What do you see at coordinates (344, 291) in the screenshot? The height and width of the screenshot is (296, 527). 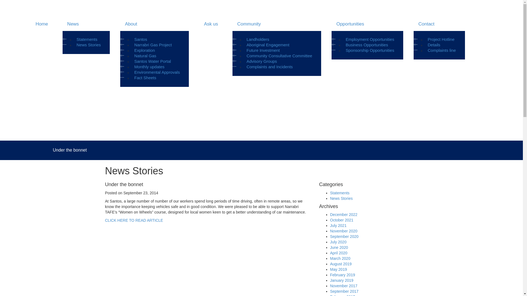 I see `'September 2017'` at bounding box center [344, 291].